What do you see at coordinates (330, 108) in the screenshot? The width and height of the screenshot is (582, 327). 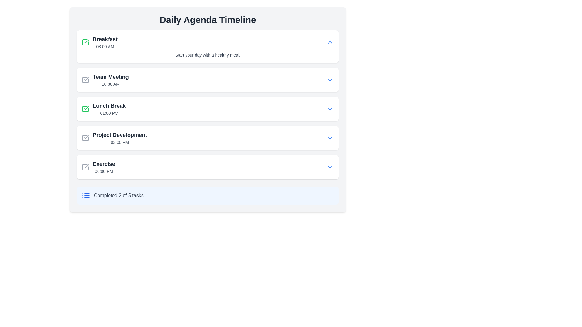 I see `the downward-pointing chevron icon of the Dropdown toggle button located at the rightmost part of the 'Lunch Break' row, which shows '01:00 PM'` at bounding box center [330, 108].